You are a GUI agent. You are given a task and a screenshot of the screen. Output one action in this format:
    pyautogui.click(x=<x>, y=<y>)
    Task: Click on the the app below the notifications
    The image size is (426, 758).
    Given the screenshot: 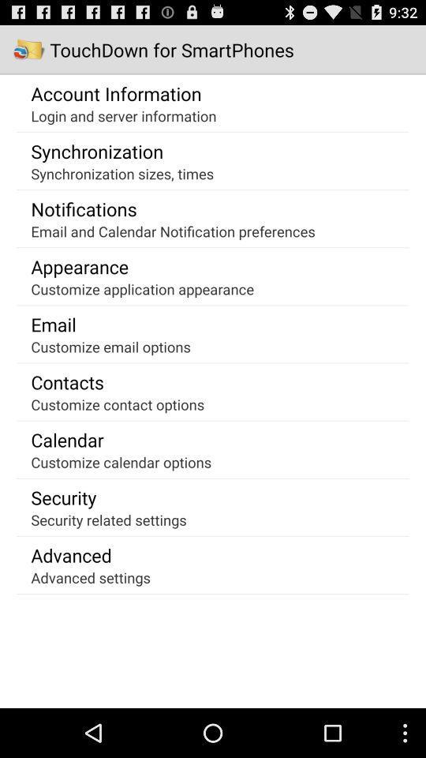 What is the action you would take?
    pyautogui.click(x=172, y=230)
    